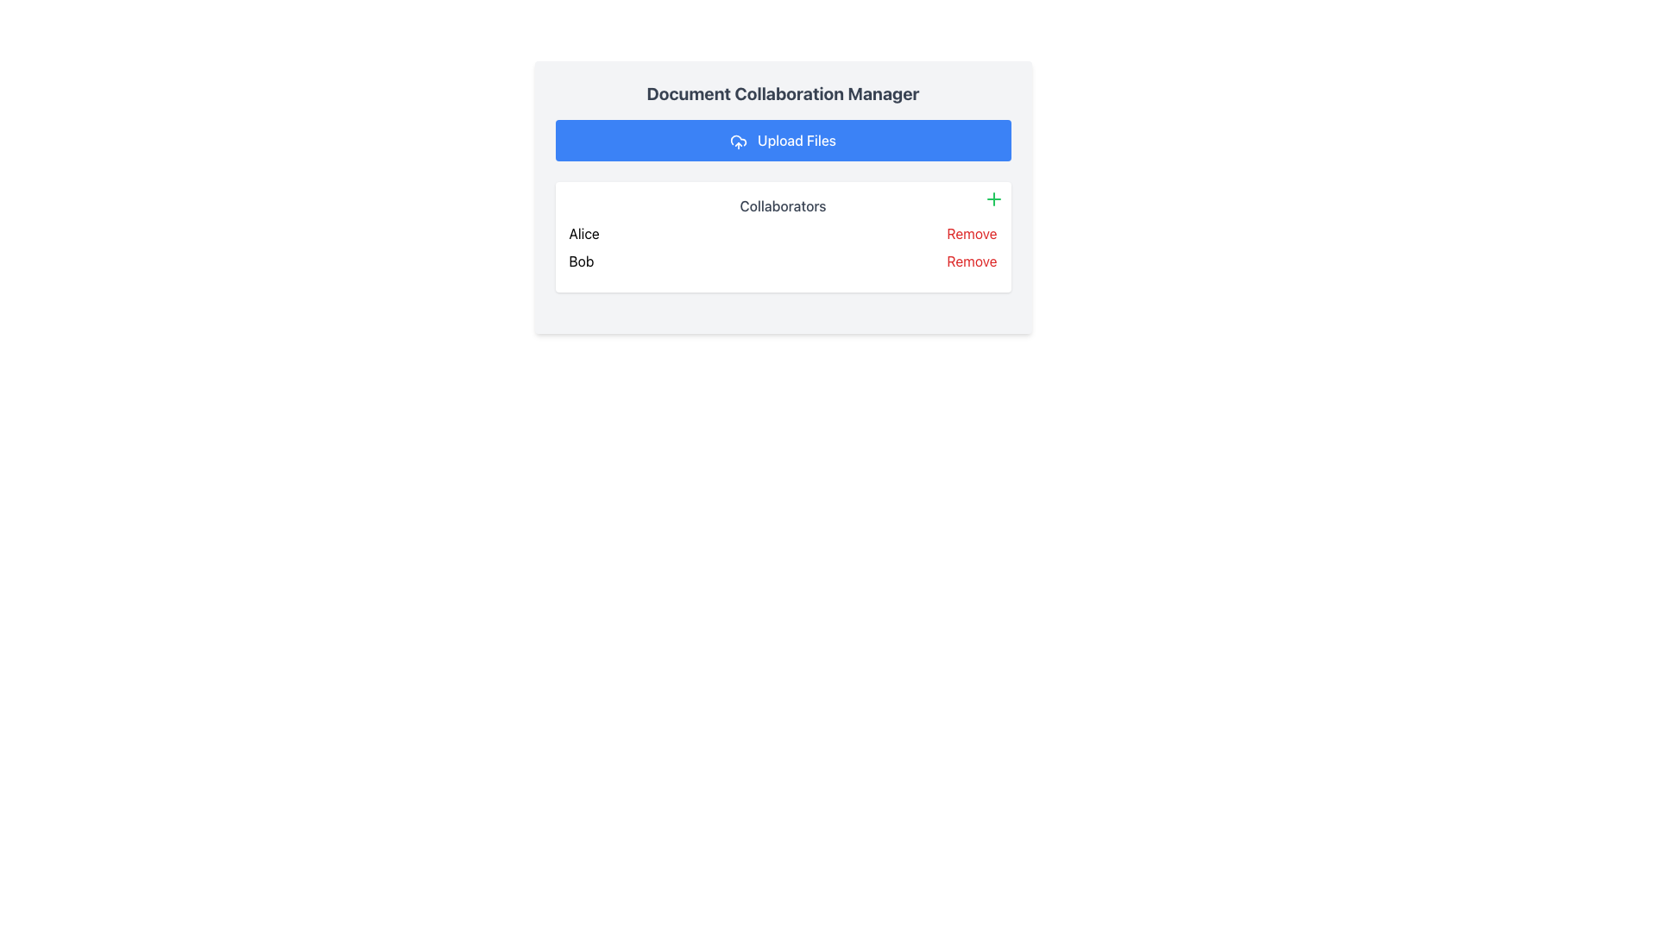 The height and width of the screenshot is (932, 1657). I want to click on the cloud-shaped upload icon within the 'Upload Files' button, which is styled with a blue background and white outline, located to the left of the button's text, so click(738, 141).